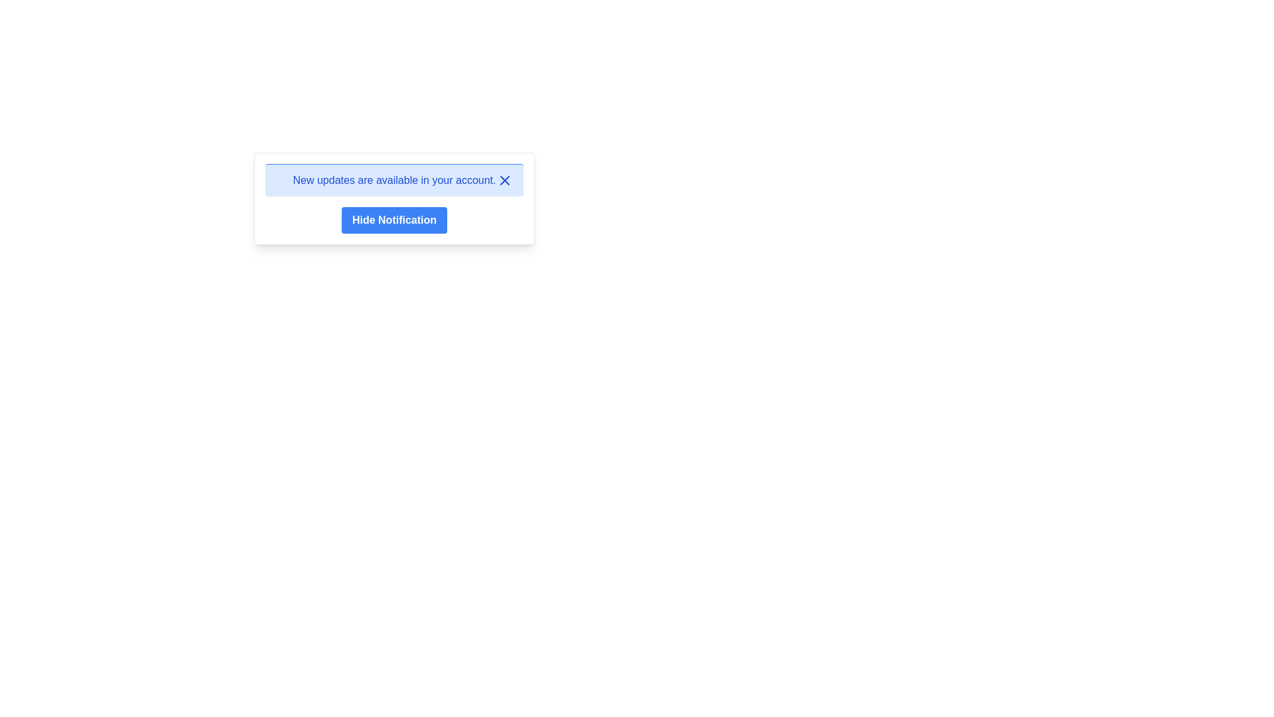 The image size is (1274, 717). I want to click on the blue cross (X) icon button in the top-right corner of the blue-alert notification box, so click(504, 181).